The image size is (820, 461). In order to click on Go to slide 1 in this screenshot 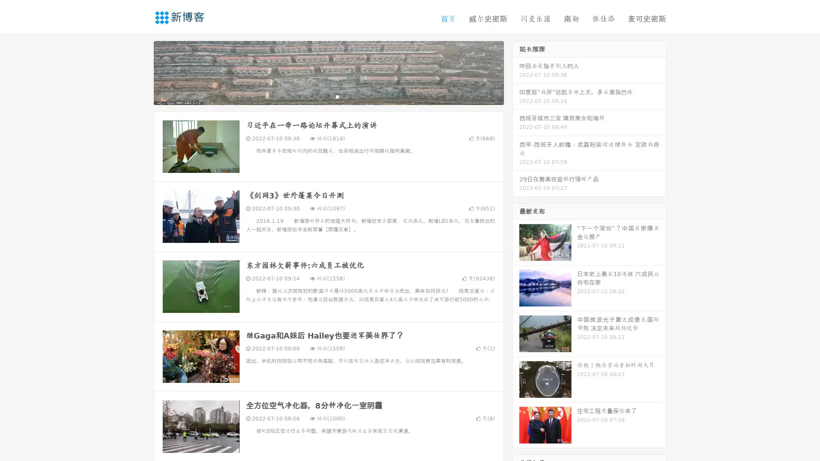, I will do `click(319, 96)`.